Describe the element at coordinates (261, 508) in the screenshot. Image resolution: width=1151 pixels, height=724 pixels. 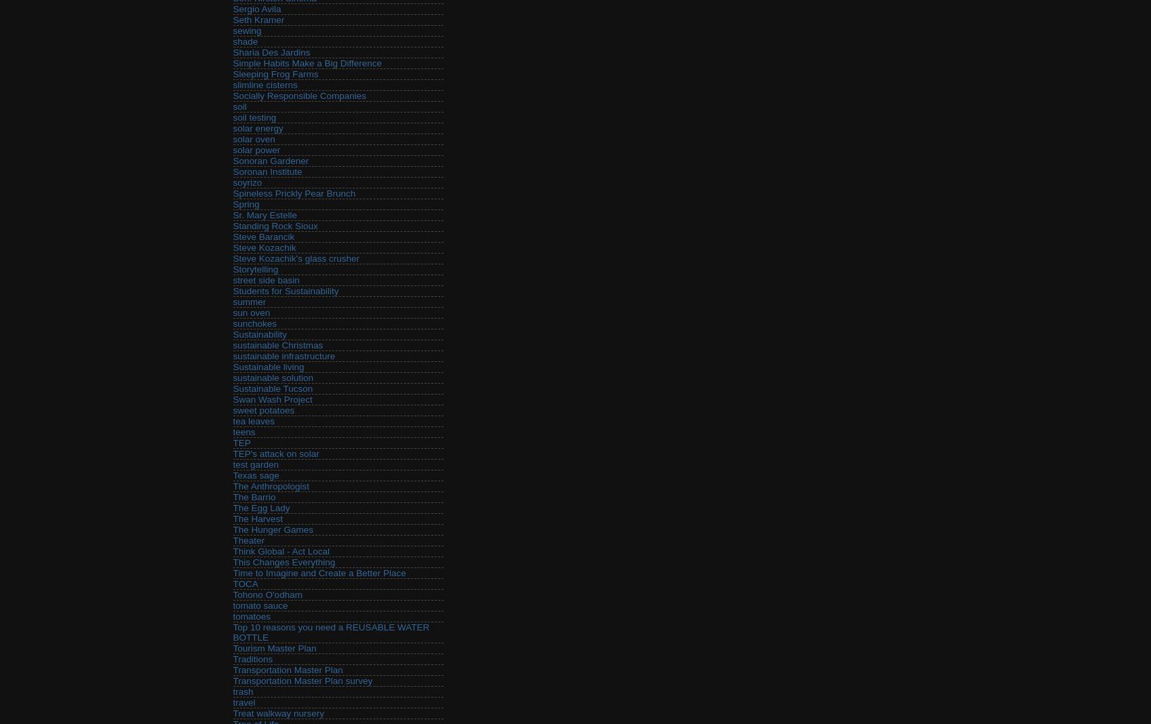
I see `'The Egg Lady'` at that location.